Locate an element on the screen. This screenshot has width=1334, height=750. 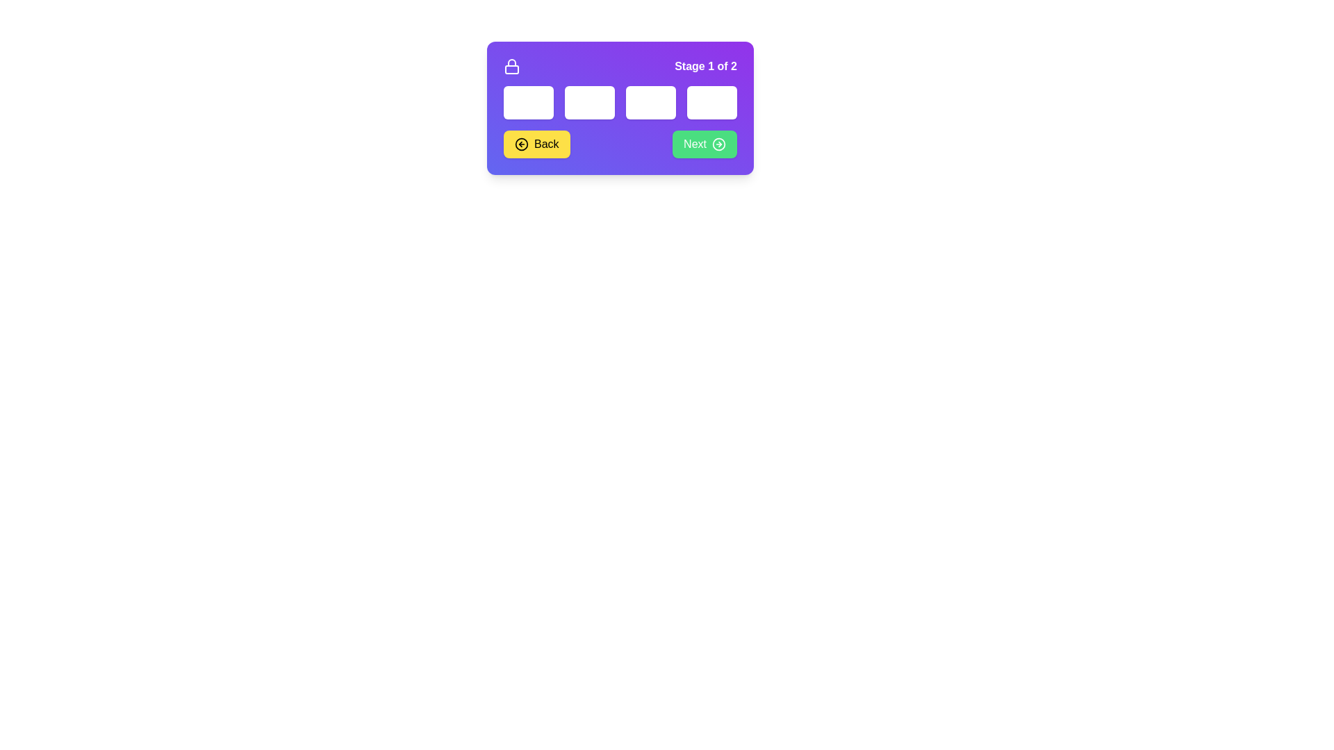
the forward navigation button located in the bottom-right corner of the purple rectangular card to proceed to the next step is located at coordinates (705, 144).